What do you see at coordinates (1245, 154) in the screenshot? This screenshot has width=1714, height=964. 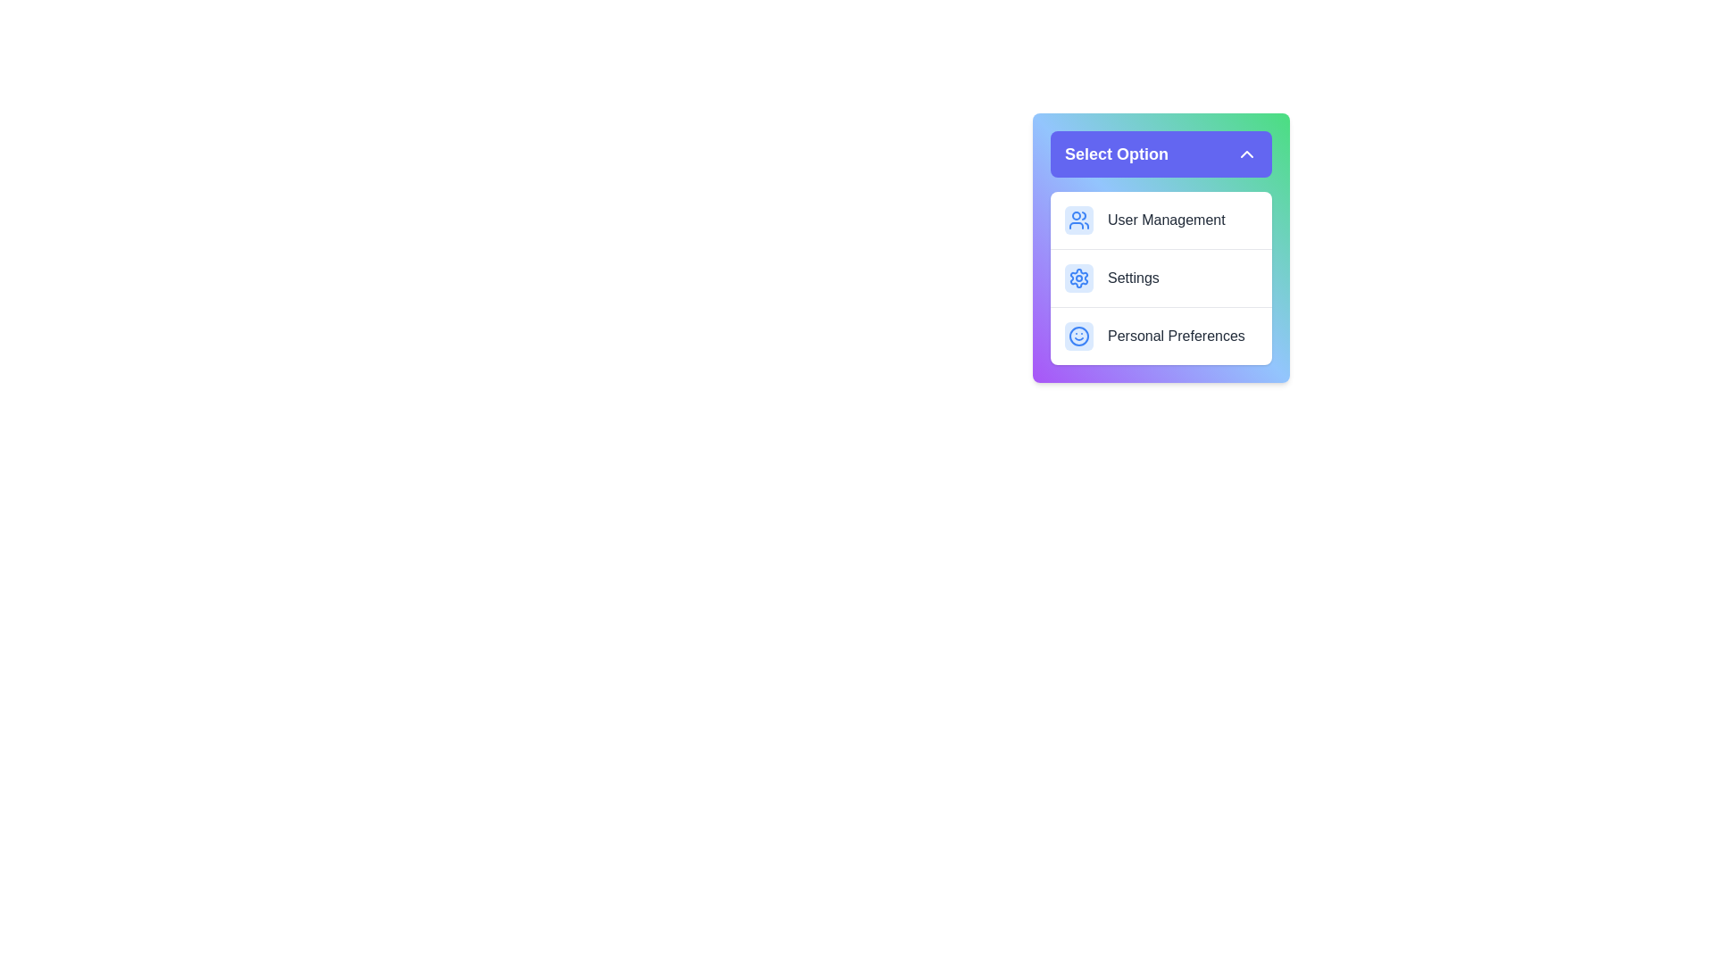 I see `the button located in the top-right corner of the header section titled 'Select Option'` at bounding box center [1245, 154].